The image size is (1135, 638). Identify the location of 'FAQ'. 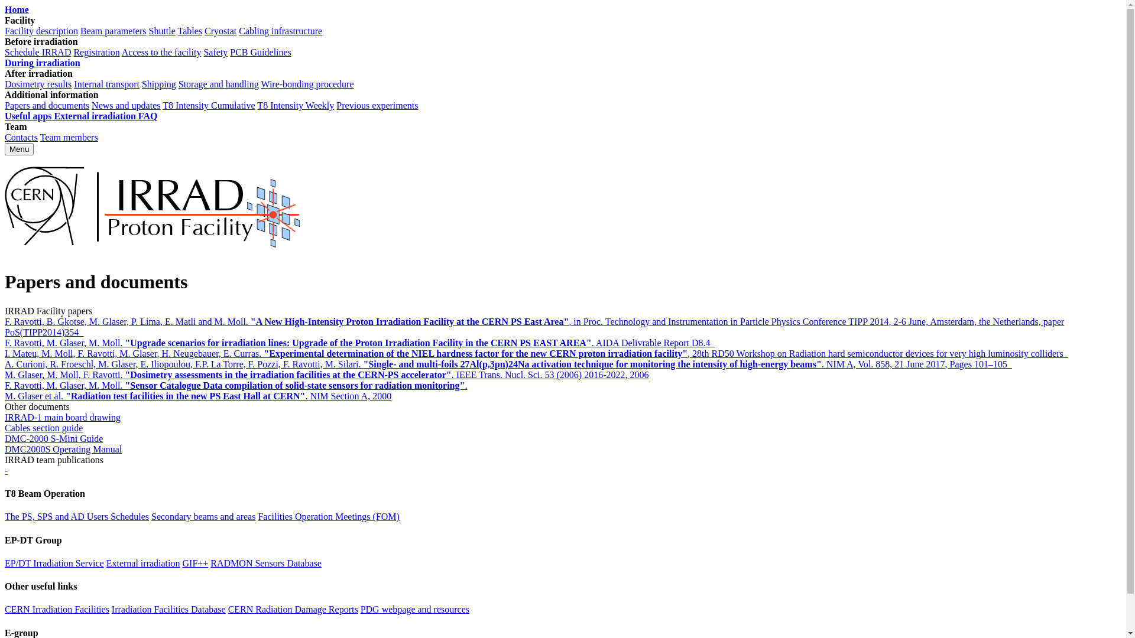
(147, 116).